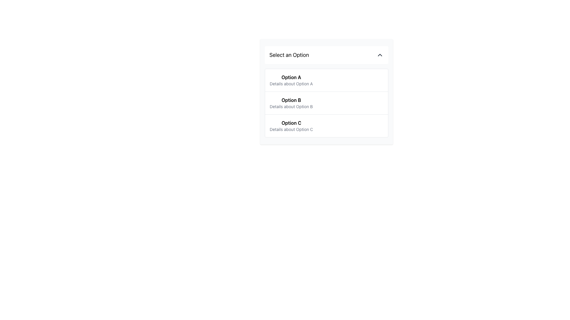 Image resolution: width=570 pixels, height=320 pixels. I want to click on the upward-pointing chevron icon located on the far right of the header section labeled 'Select an Option', so click(379, 55).